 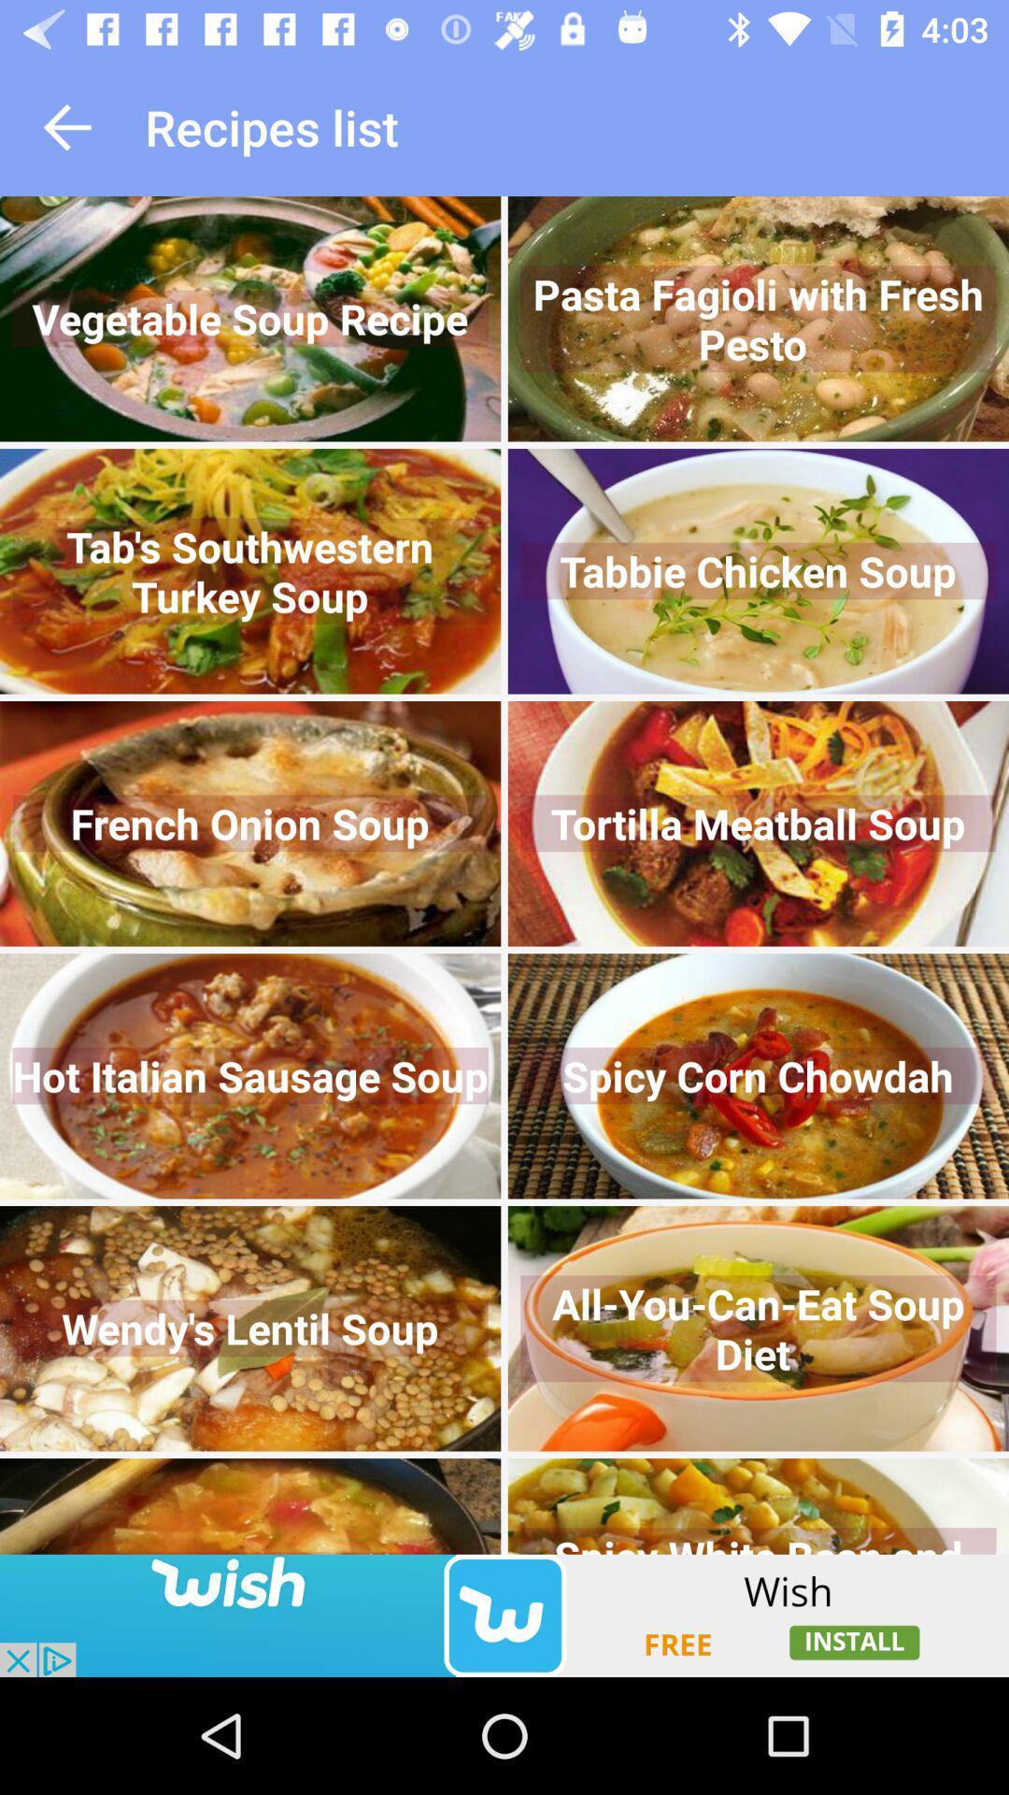 I want to click on go back, so click(x=66, y=126).